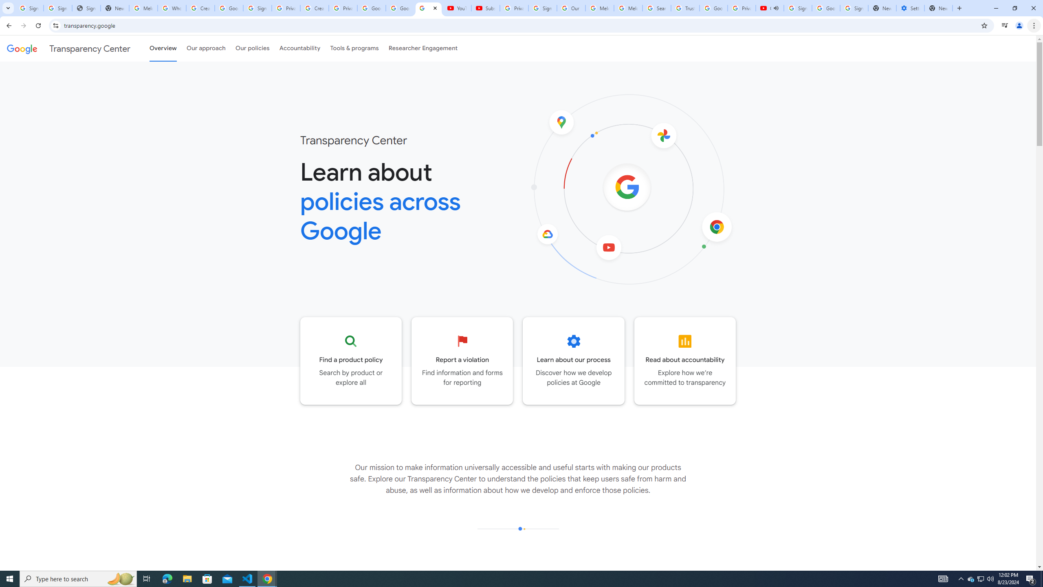 This screenshot has height=587, width=1043. What do you see at coordinates (462, 360) in the screenshot?
I see `'Go to the Reporting and appeals page'` at bounding box center [462, 360].